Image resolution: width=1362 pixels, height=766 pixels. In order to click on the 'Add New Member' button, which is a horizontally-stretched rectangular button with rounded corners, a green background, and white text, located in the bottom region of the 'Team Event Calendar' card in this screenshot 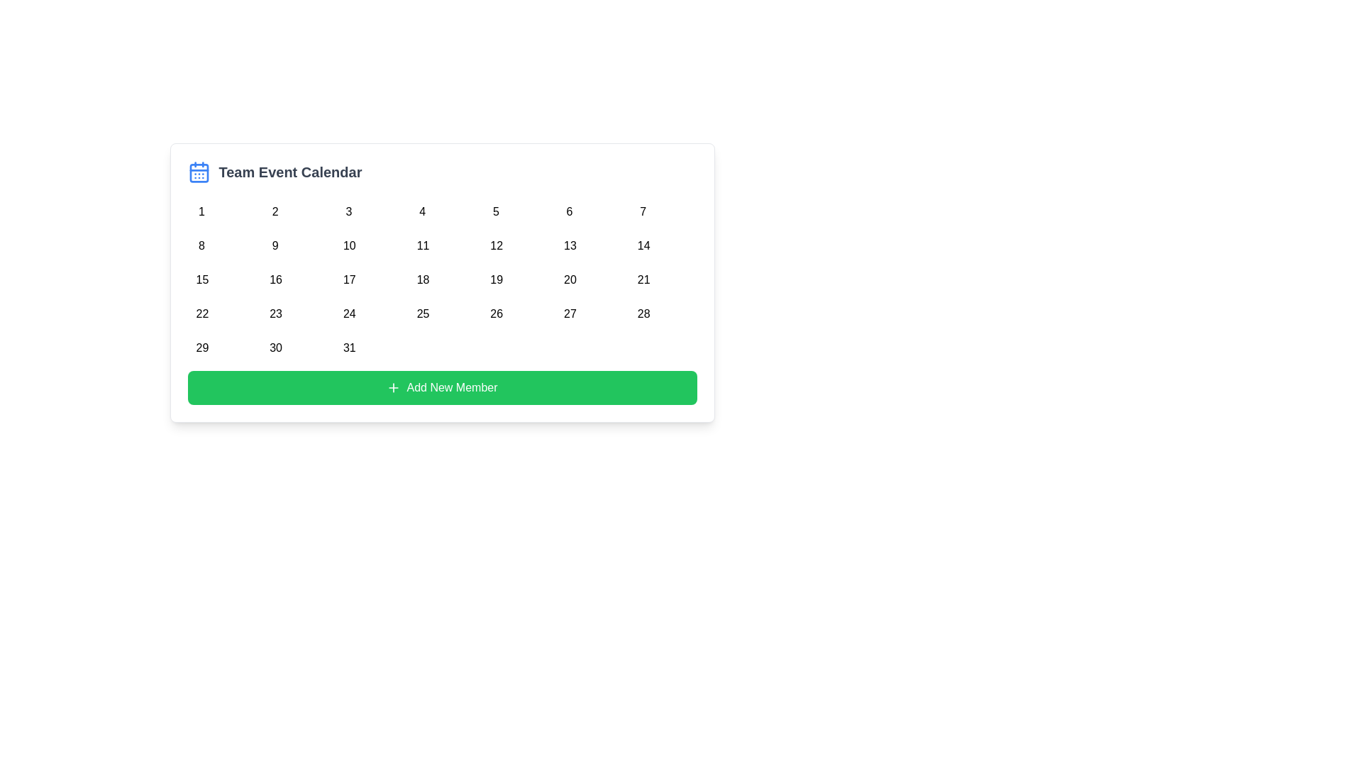, I will do `click(441, 388)`.